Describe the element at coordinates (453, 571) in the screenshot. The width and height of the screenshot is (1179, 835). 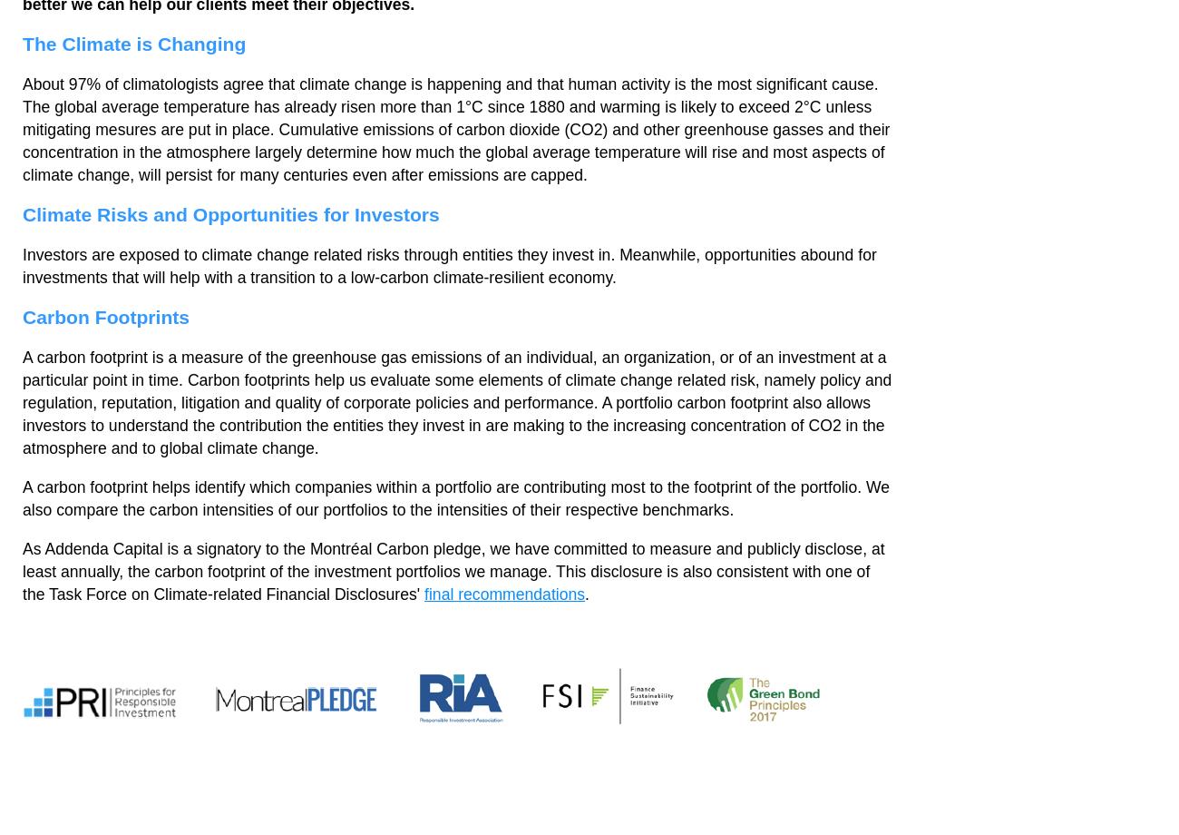
I see `'As Addenda Capital is a signatory to the Montréal Carbon pledge, we have committed to measure and publicly disclose, at least annually, the carbon footprint of the investment portfolios we manage. This disclosure is also consistent with one of the Task Force on Climate-related Financial Disclosures''` at that location.